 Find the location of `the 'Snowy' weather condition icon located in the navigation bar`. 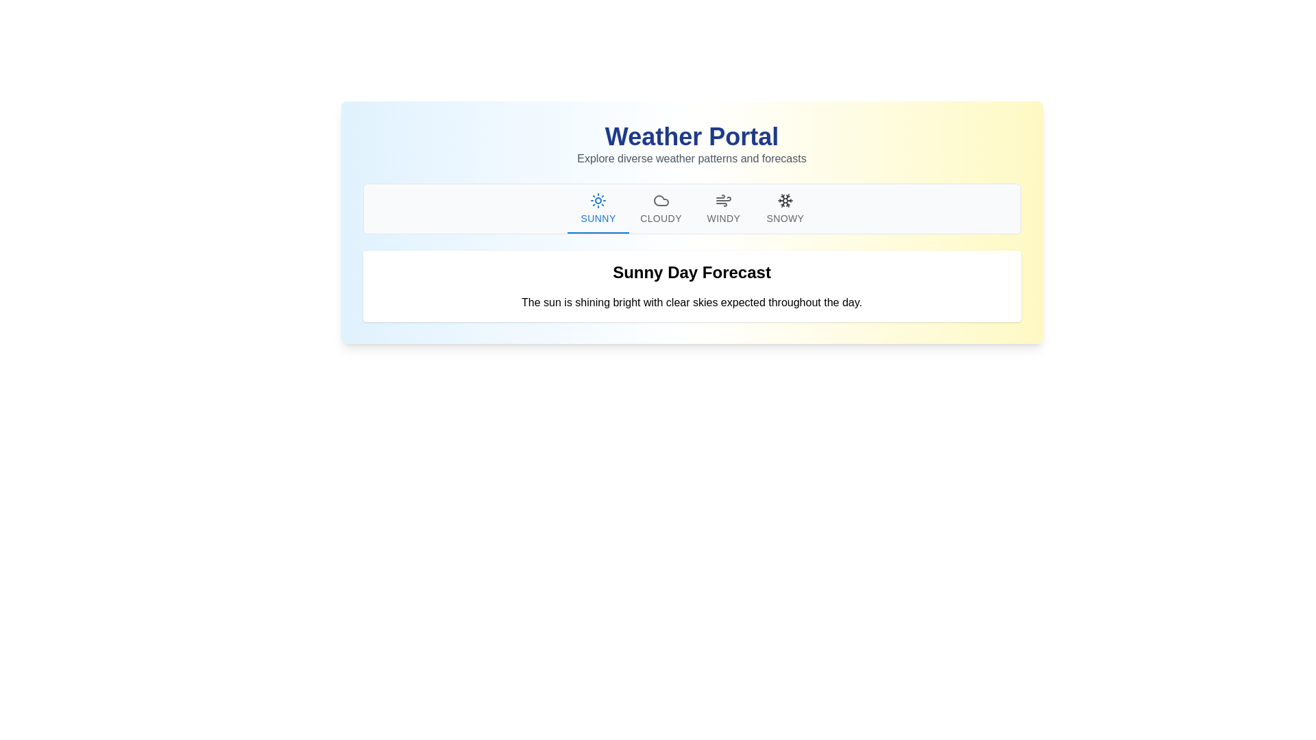

the 'Snowy' weather condition icon located in the navigation bar is located at coordinates (785, 201).